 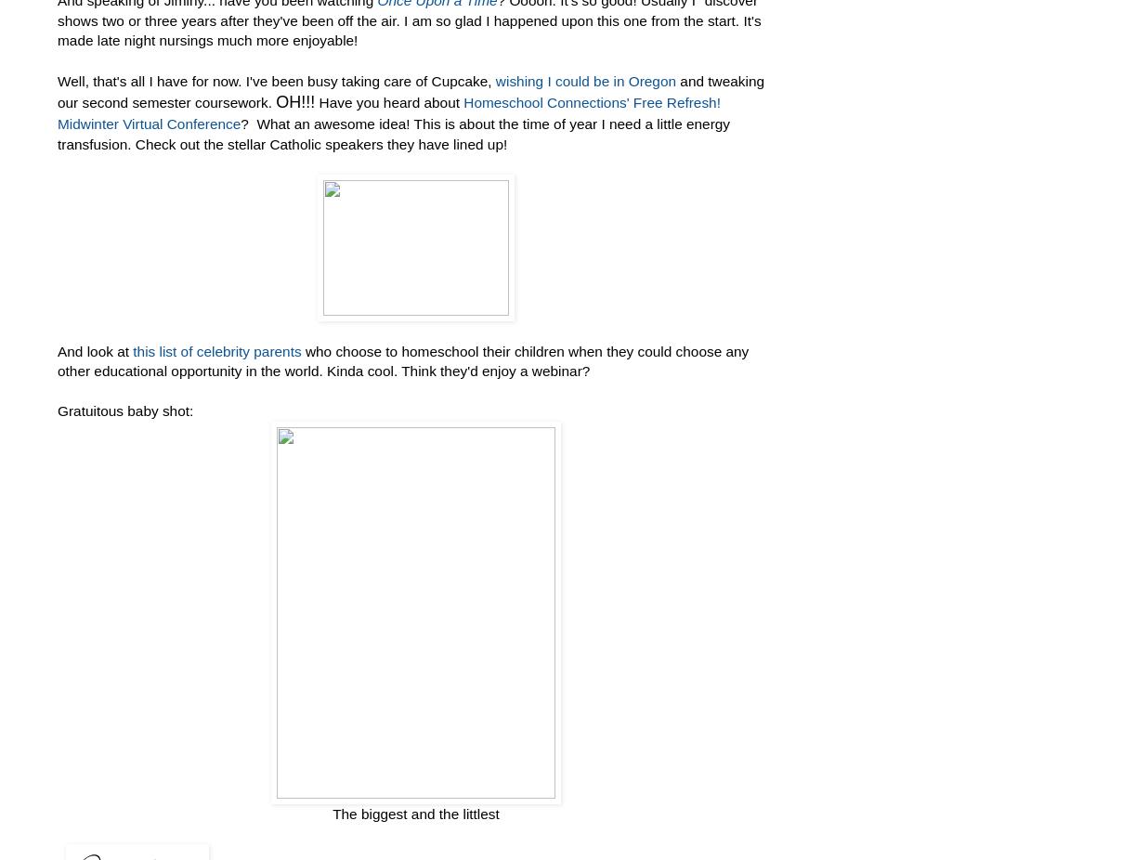 I want to click on 'wishing I could be in Oregon', so click(x=584, y=79).